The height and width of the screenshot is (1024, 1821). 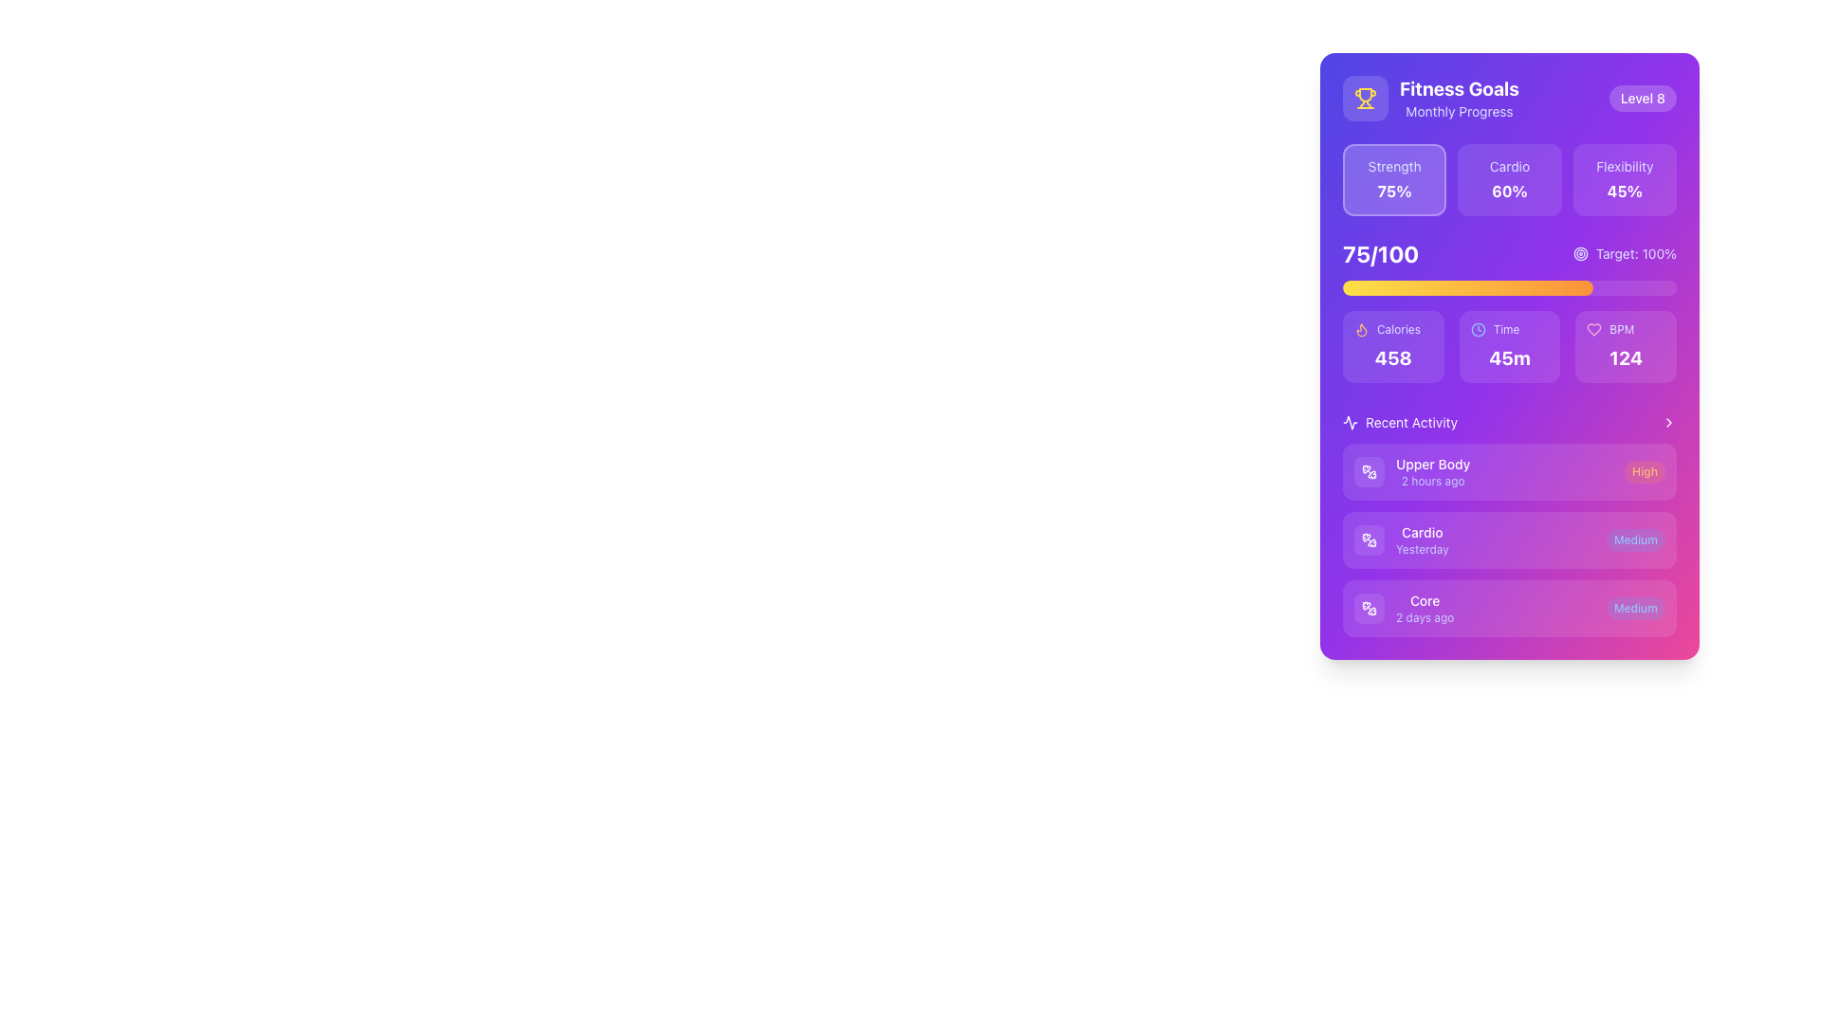 What do you see at coordinates (1593, 328) in the screenshot?
I see `the heart rate icon located in the top-right part of the card interface, positioned to the left of the text 'BPM'` at bounding box center [1593, 328].